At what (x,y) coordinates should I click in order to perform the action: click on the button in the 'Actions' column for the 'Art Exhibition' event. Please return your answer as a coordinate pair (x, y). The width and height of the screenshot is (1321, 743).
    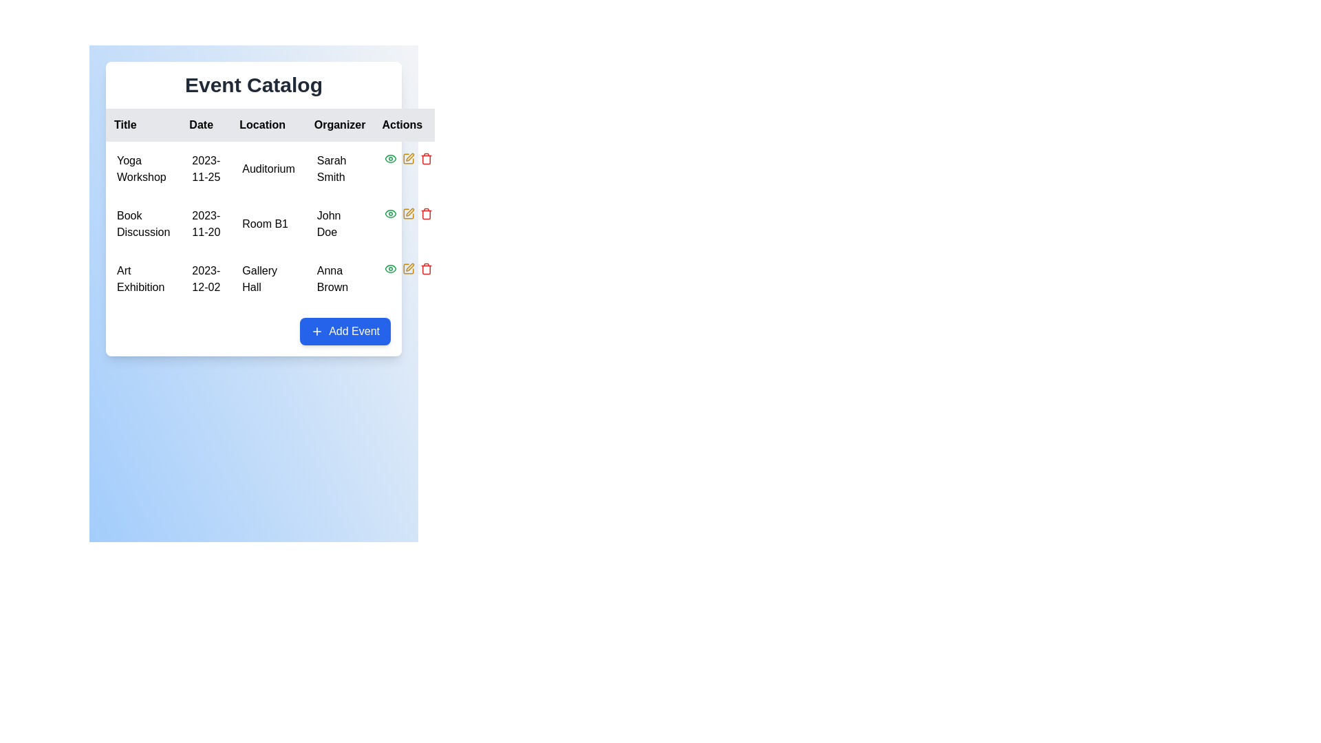
    Looking at the image, I should click on (426, 268).